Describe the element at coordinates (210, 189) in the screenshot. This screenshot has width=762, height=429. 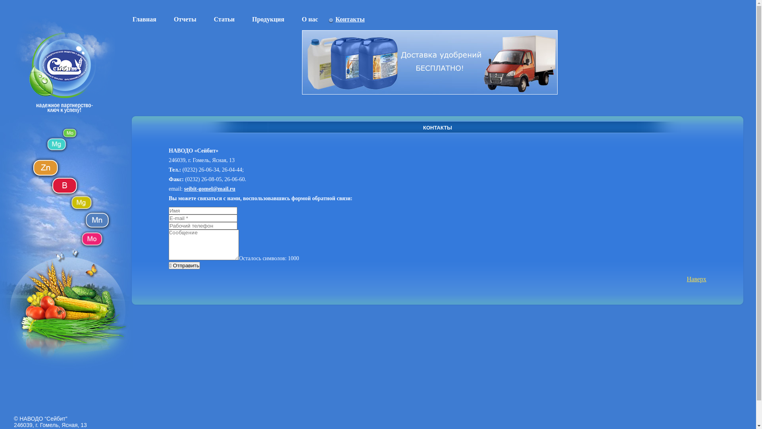
I see `'seibit-gomel@mail.ru'` at that location.